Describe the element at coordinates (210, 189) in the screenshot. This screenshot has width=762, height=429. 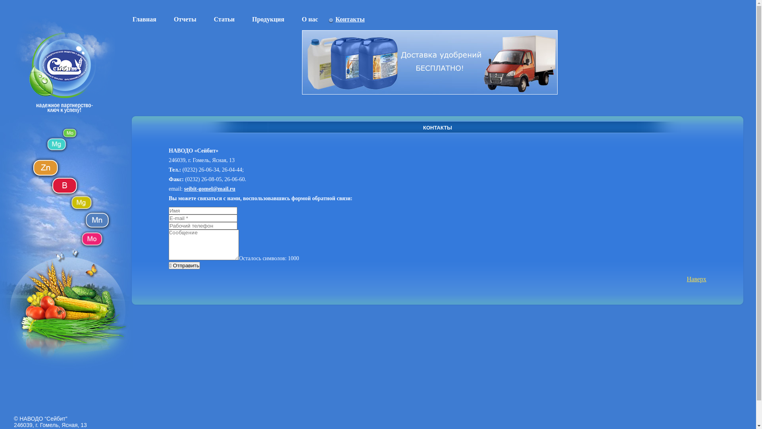
I see `'seibit-gomel@mail.ru'` at that location.